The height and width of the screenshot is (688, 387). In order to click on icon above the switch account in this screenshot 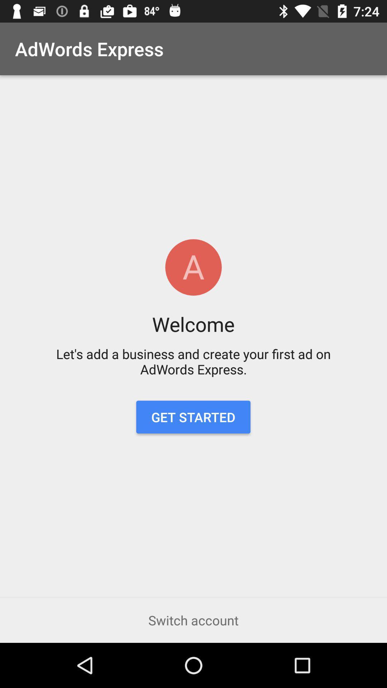, I will do `click(193, 417)`.